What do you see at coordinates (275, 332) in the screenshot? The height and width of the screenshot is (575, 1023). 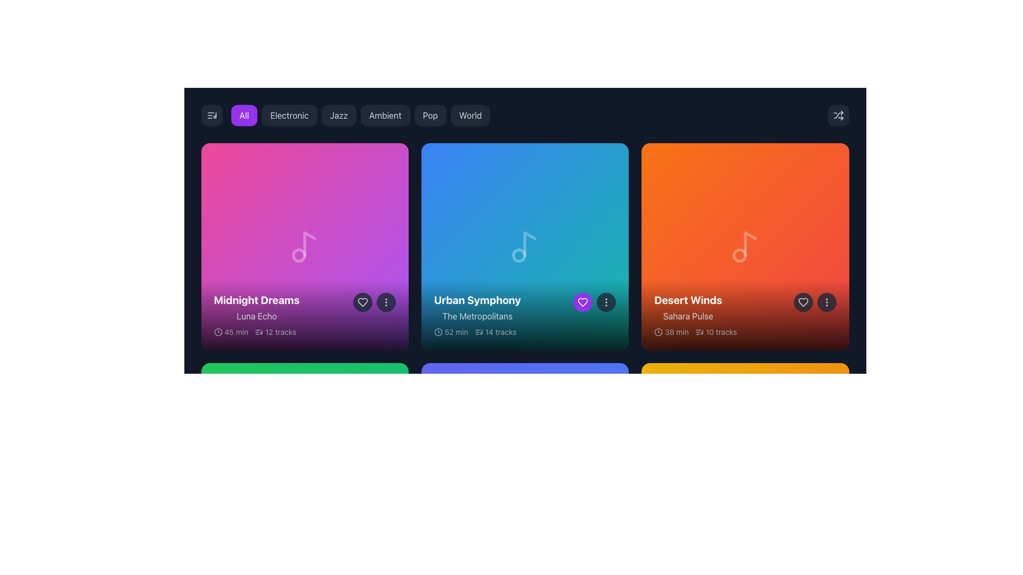 I see `text '12 tracks' from the label with an icon located in the lower-left portion of the 'Midnight Dreams' card, next to the duration '45 min'` at bounding box center [275, 332].